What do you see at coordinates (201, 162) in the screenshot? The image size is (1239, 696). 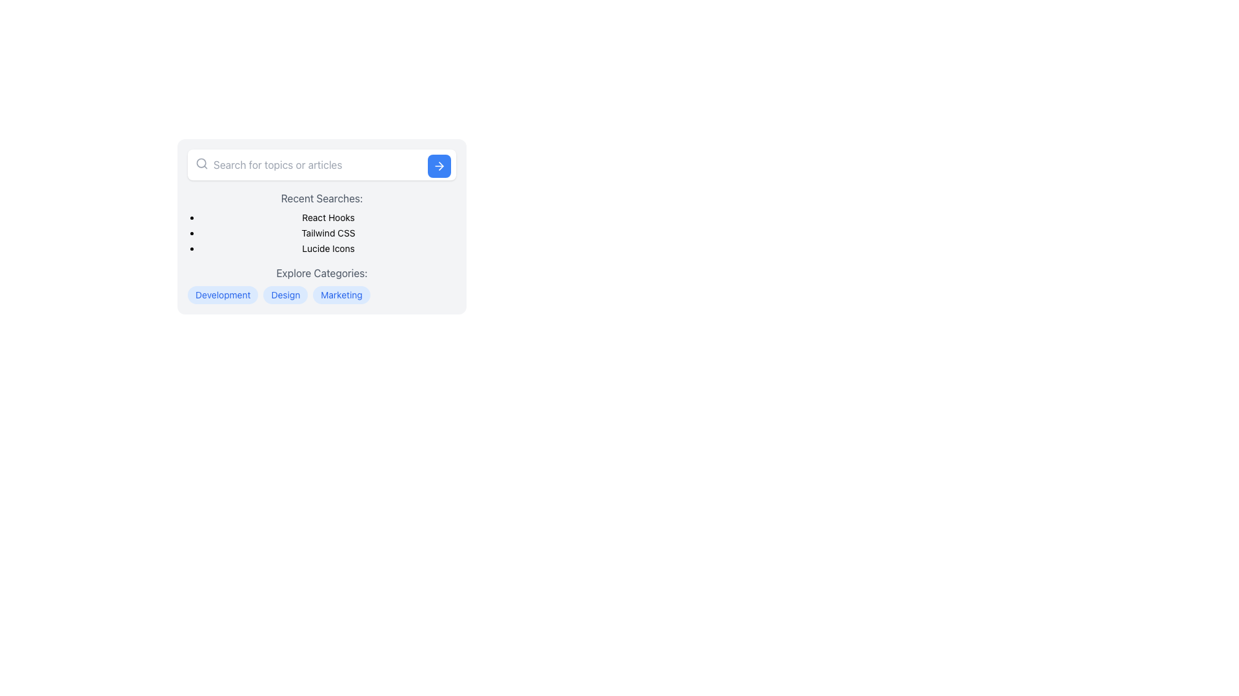 I see `the circular graphic of the magnifying glass icon, which represents the lens of the search feature located in the top-left corner of the search bar` at bounding box center [201, 162].